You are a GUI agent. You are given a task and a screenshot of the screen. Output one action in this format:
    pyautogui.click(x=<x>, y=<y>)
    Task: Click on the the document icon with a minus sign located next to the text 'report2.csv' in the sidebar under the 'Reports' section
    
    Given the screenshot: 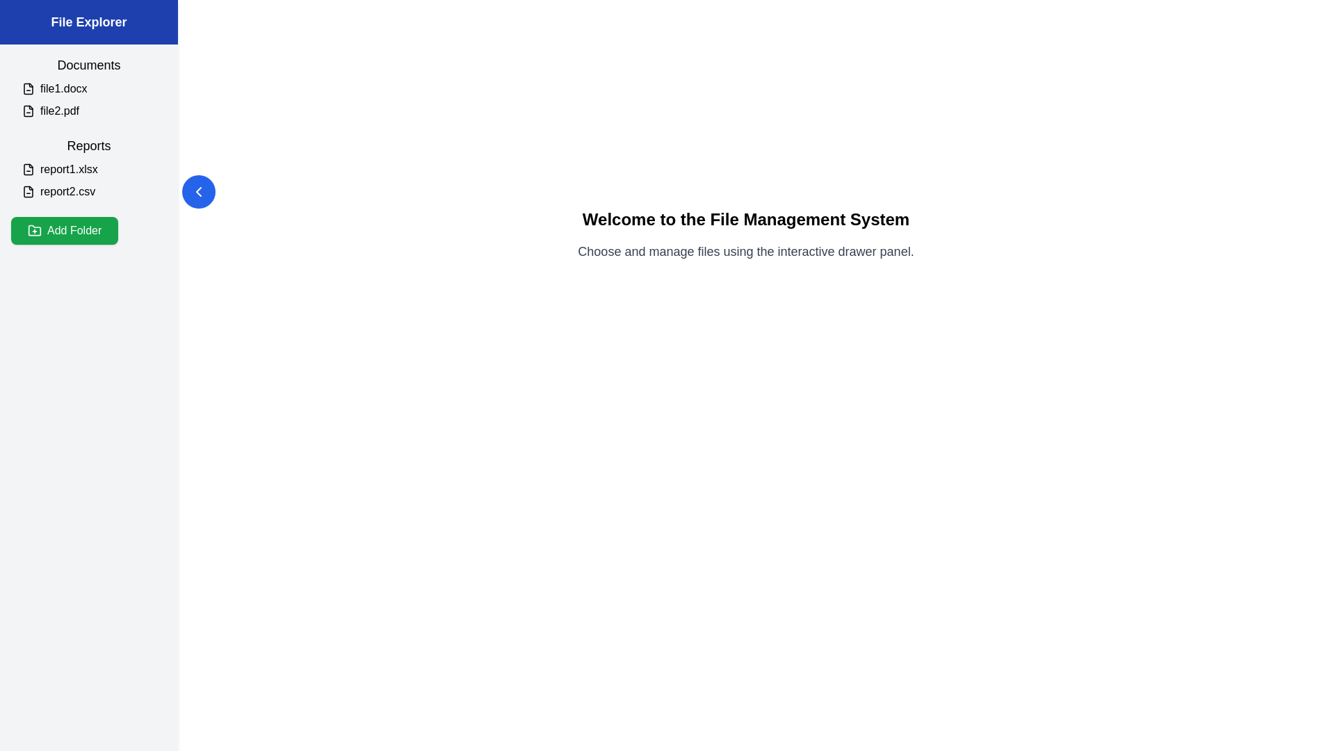 What is the action you would take?
    pyautogui.click(x=29, y=192)
    